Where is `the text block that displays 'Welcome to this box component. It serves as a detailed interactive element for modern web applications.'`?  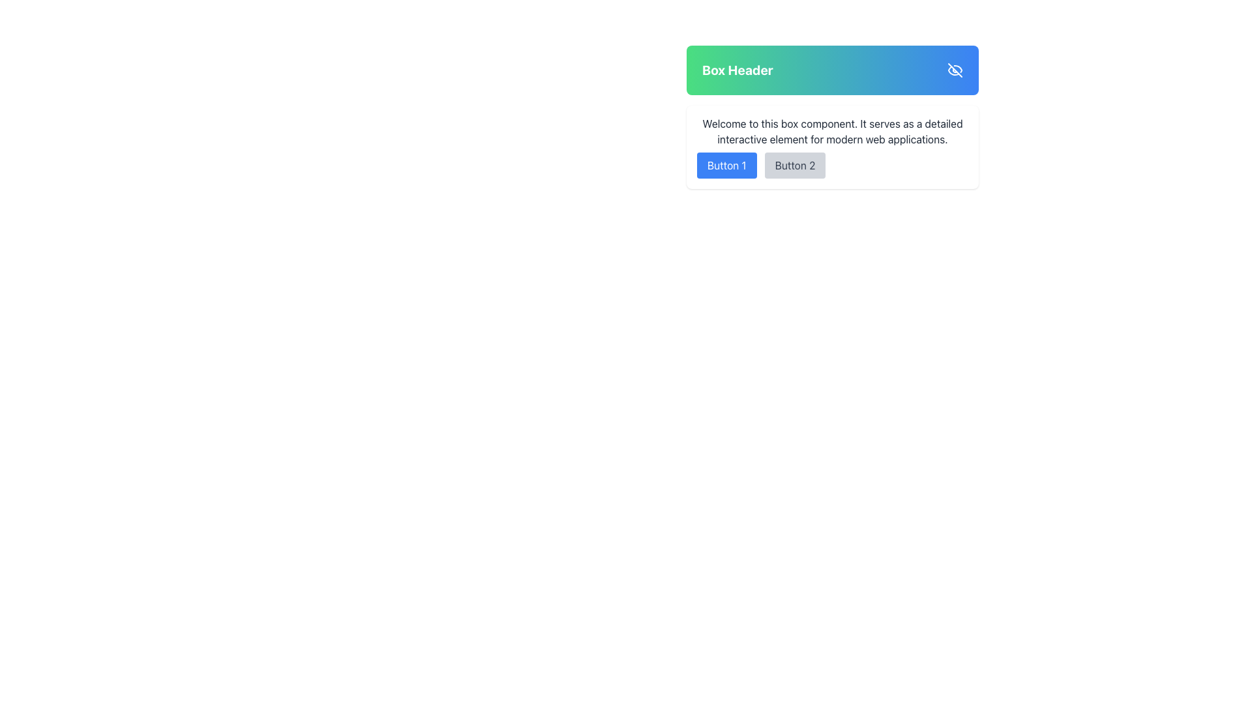 the text block that displays 'Welcome to this box component. It serves as a detailed interactive element for modern web applications.' is located at coordinates (831, 131).